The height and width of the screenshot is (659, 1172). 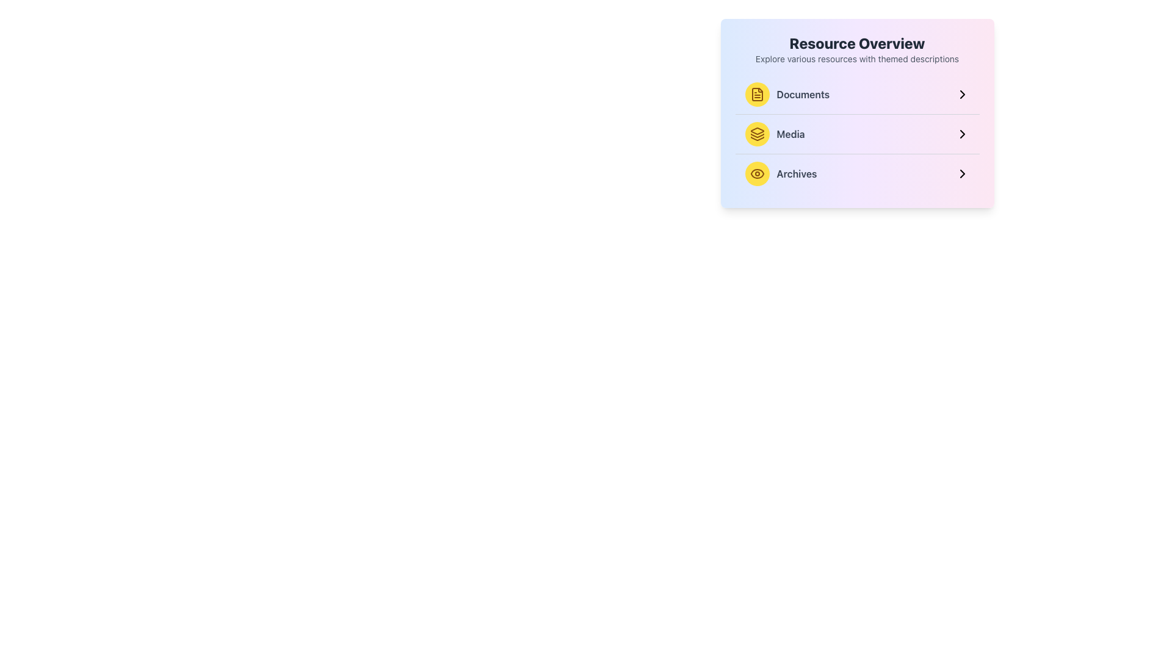 I want to click on the Chevron or arrow icon located to the right of the 'Media' label in the 'Resource Overview' section, so click(x=961, y=134).